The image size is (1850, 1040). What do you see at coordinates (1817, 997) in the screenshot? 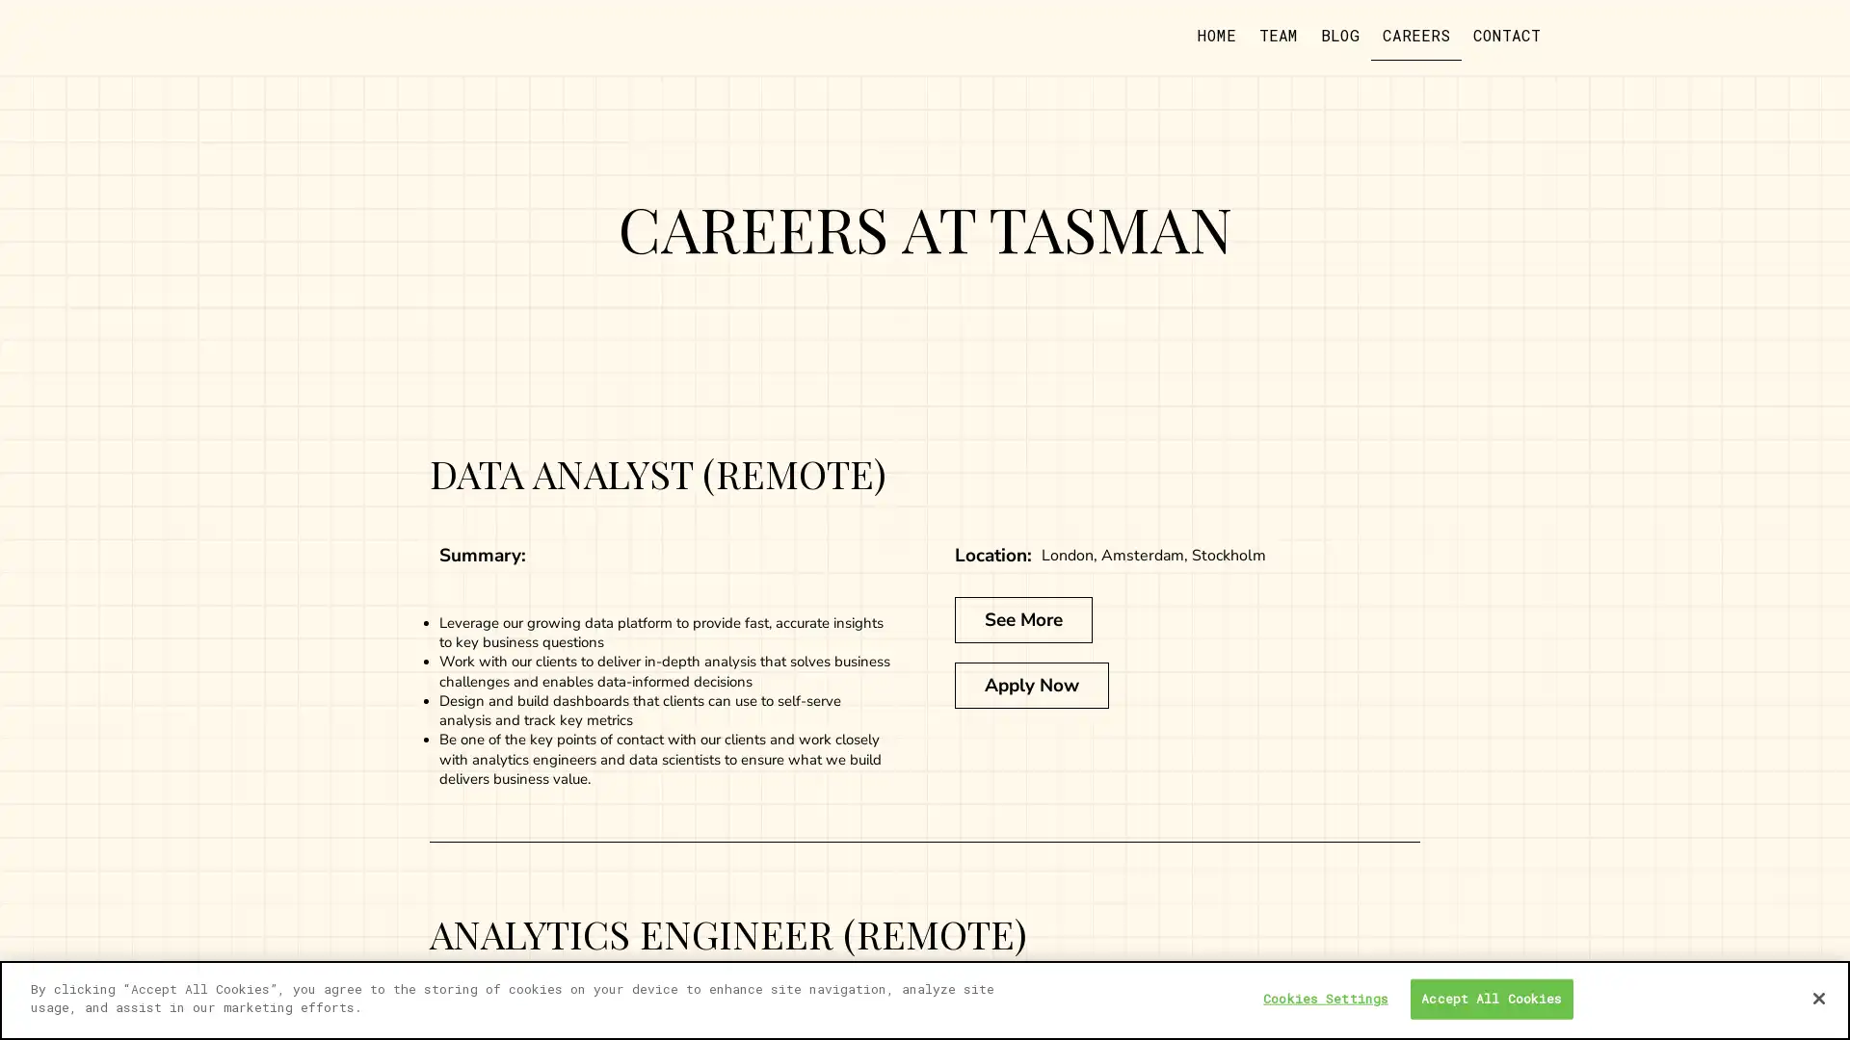
I see `Close` at bounding box center [1817, 997].